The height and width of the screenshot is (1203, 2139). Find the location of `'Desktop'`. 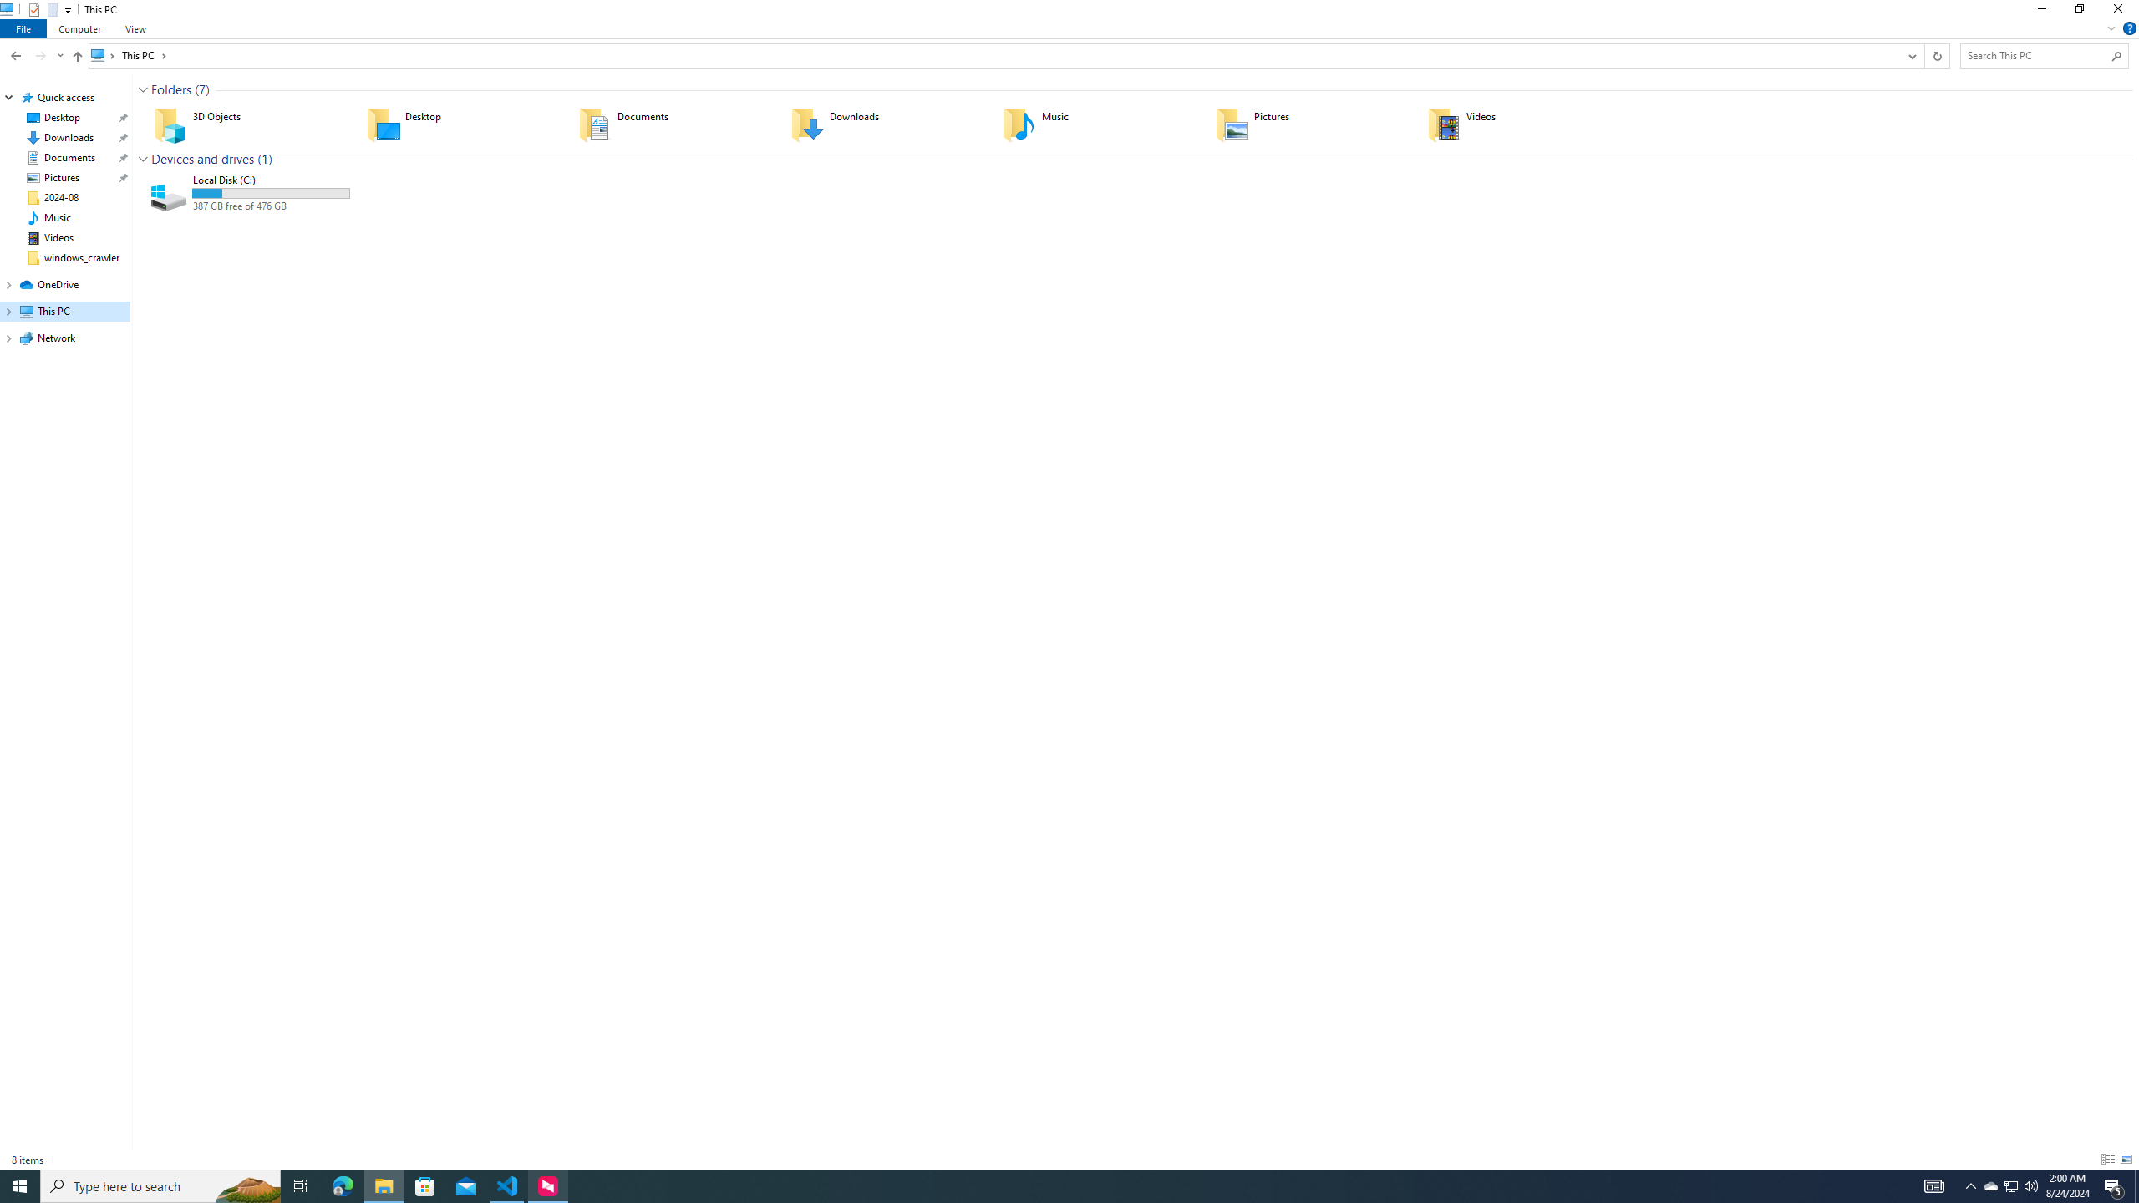

'Desktop' is located at coordinates (460, 124).